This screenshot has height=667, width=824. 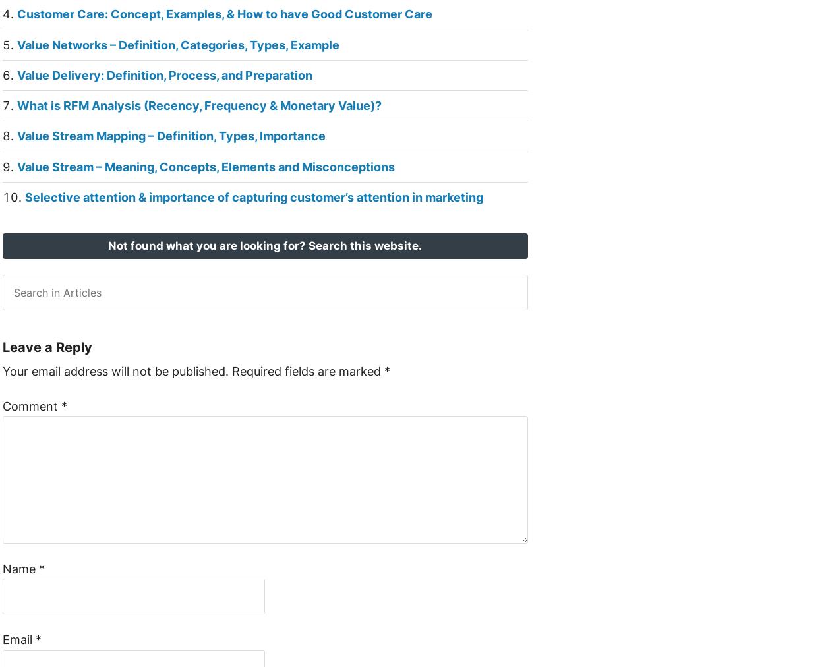 What do you see at coordinates (115, 370) in the screenshot?
I see `'Your email address will not be published.'` at bounding box center [115, 370].